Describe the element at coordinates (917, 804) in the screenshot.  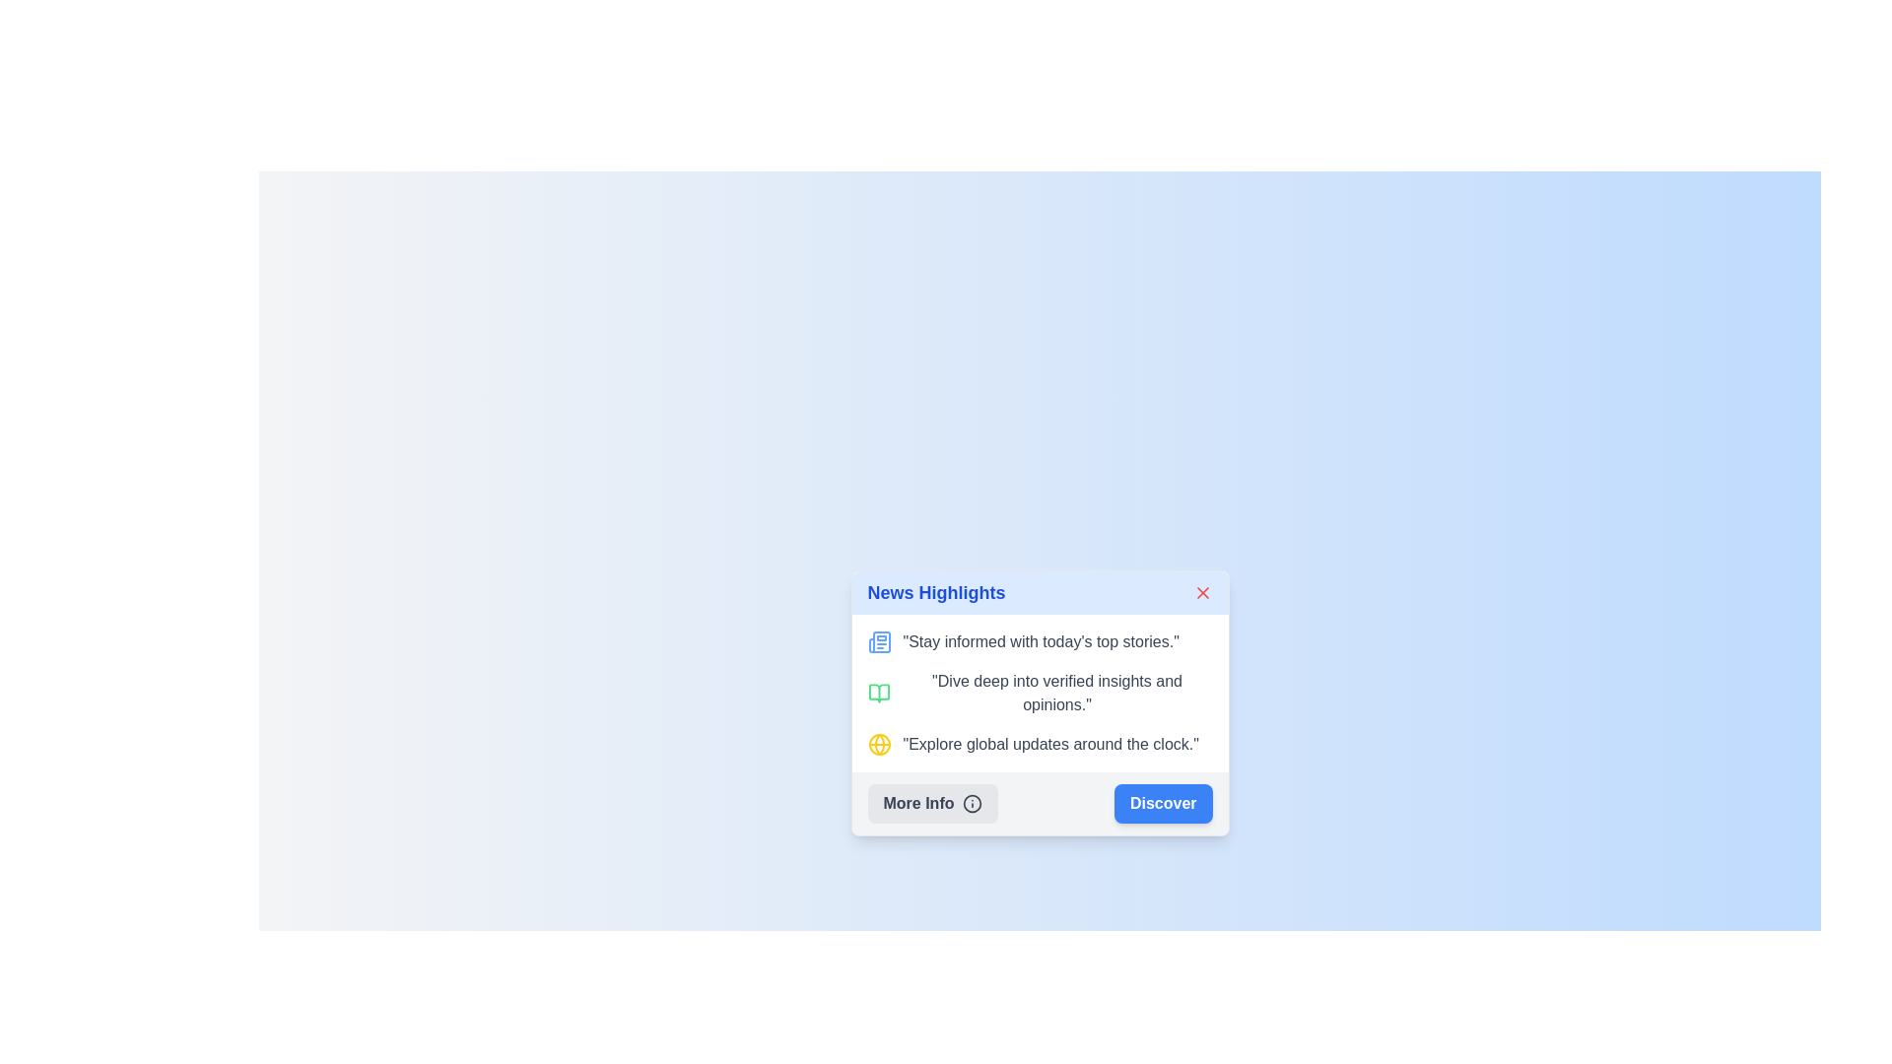
I see `the 'More Info' static text element within the button located on the left side of the bottom area of the card titled 'News Highlights'` at that location.